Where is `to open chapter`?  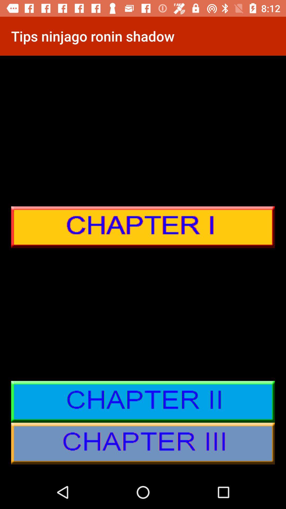 to open chapter is located at coordinates (143, 227).